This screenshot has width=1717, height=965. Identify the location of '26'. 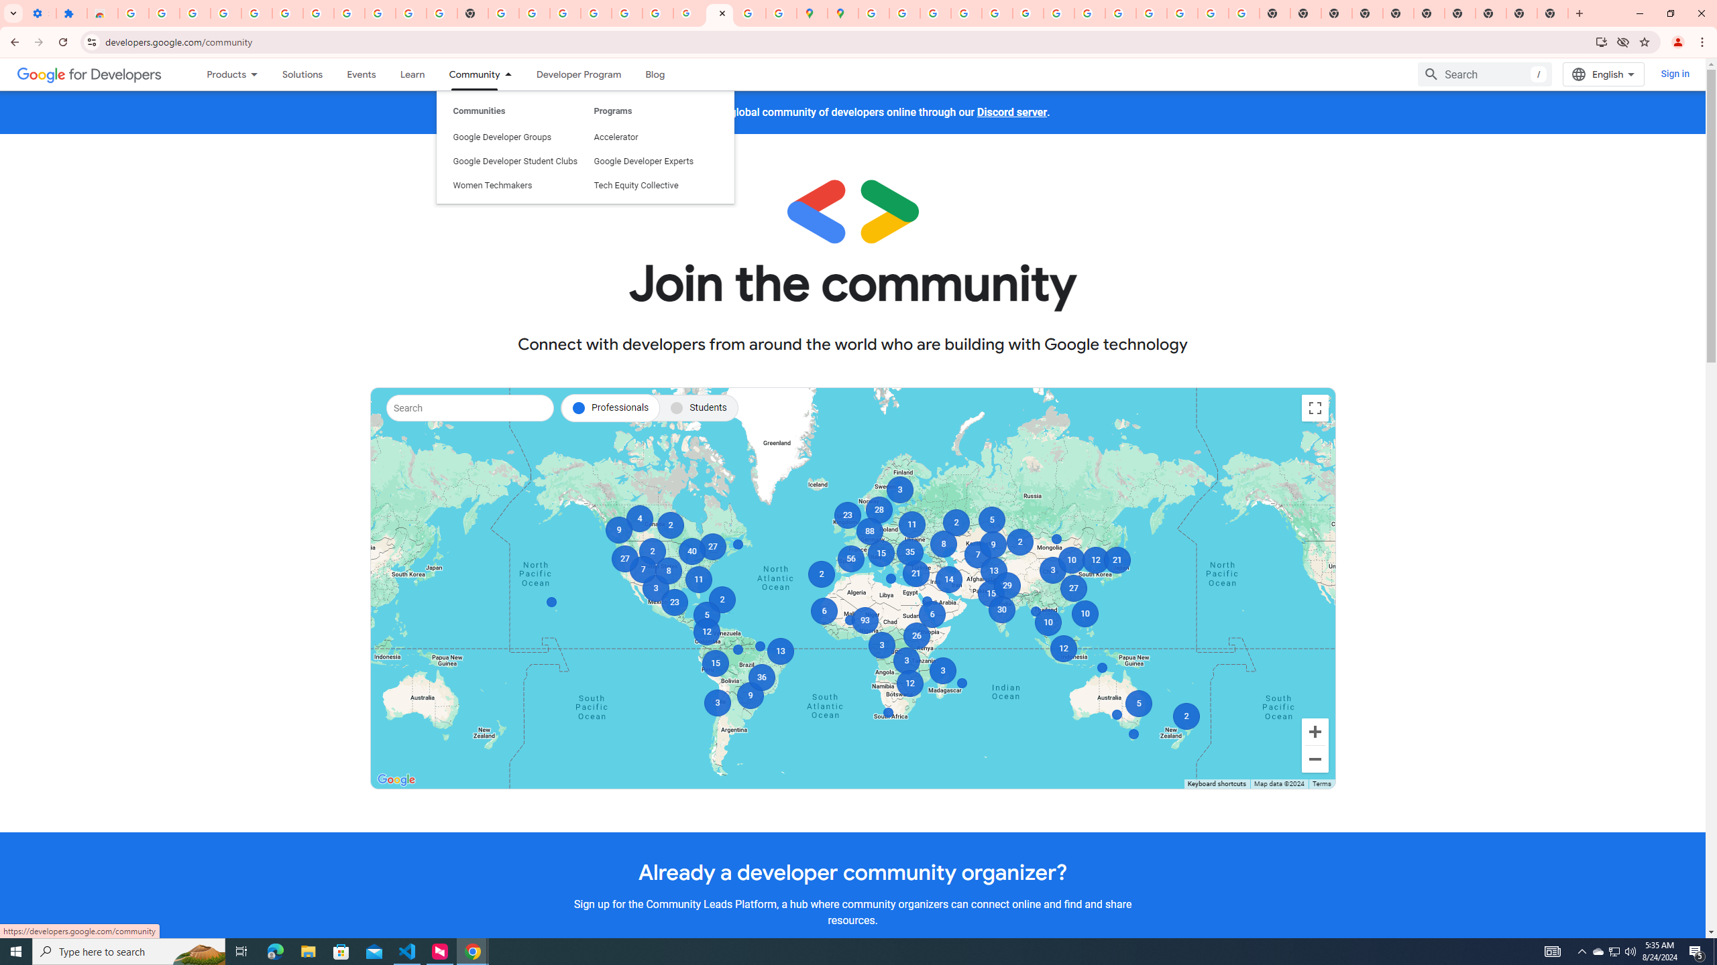
(916, 635).